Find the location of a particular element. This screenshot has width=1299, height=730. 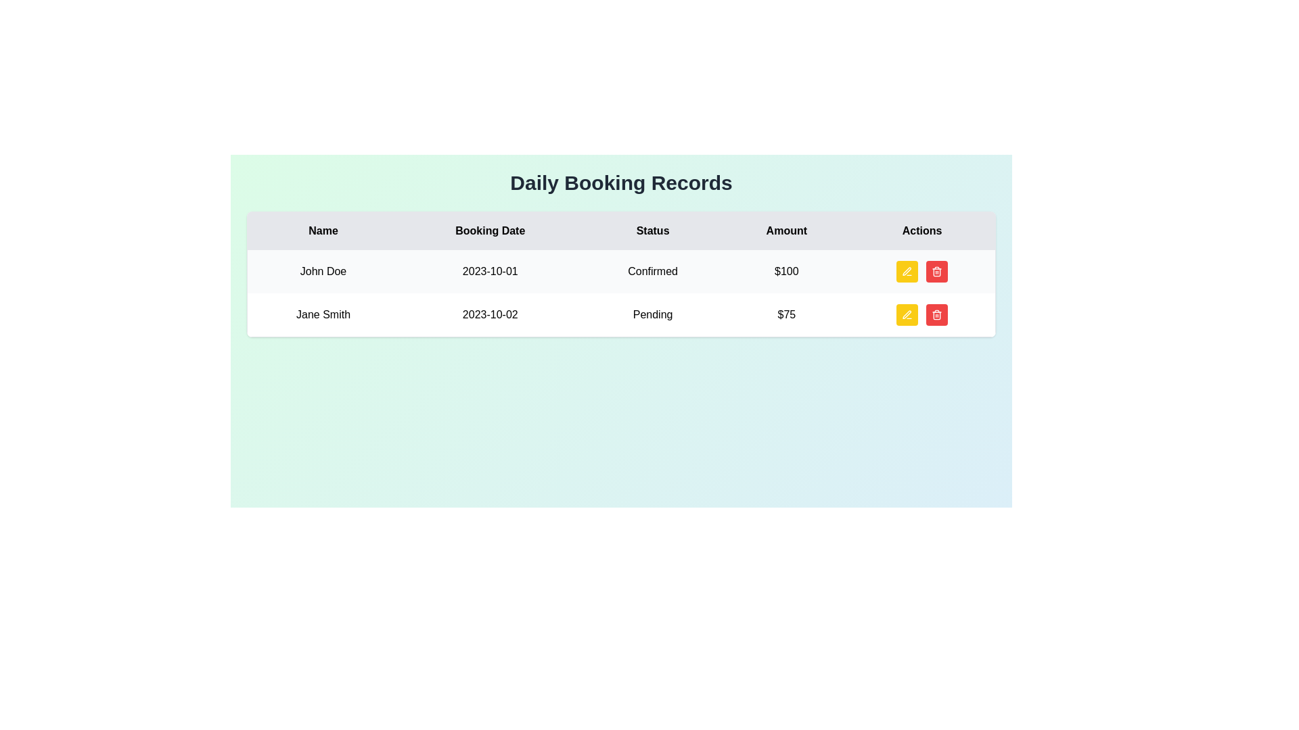

the pen icon with a yellow background in the Actions column of the second row is located at coordinates (907, 314).